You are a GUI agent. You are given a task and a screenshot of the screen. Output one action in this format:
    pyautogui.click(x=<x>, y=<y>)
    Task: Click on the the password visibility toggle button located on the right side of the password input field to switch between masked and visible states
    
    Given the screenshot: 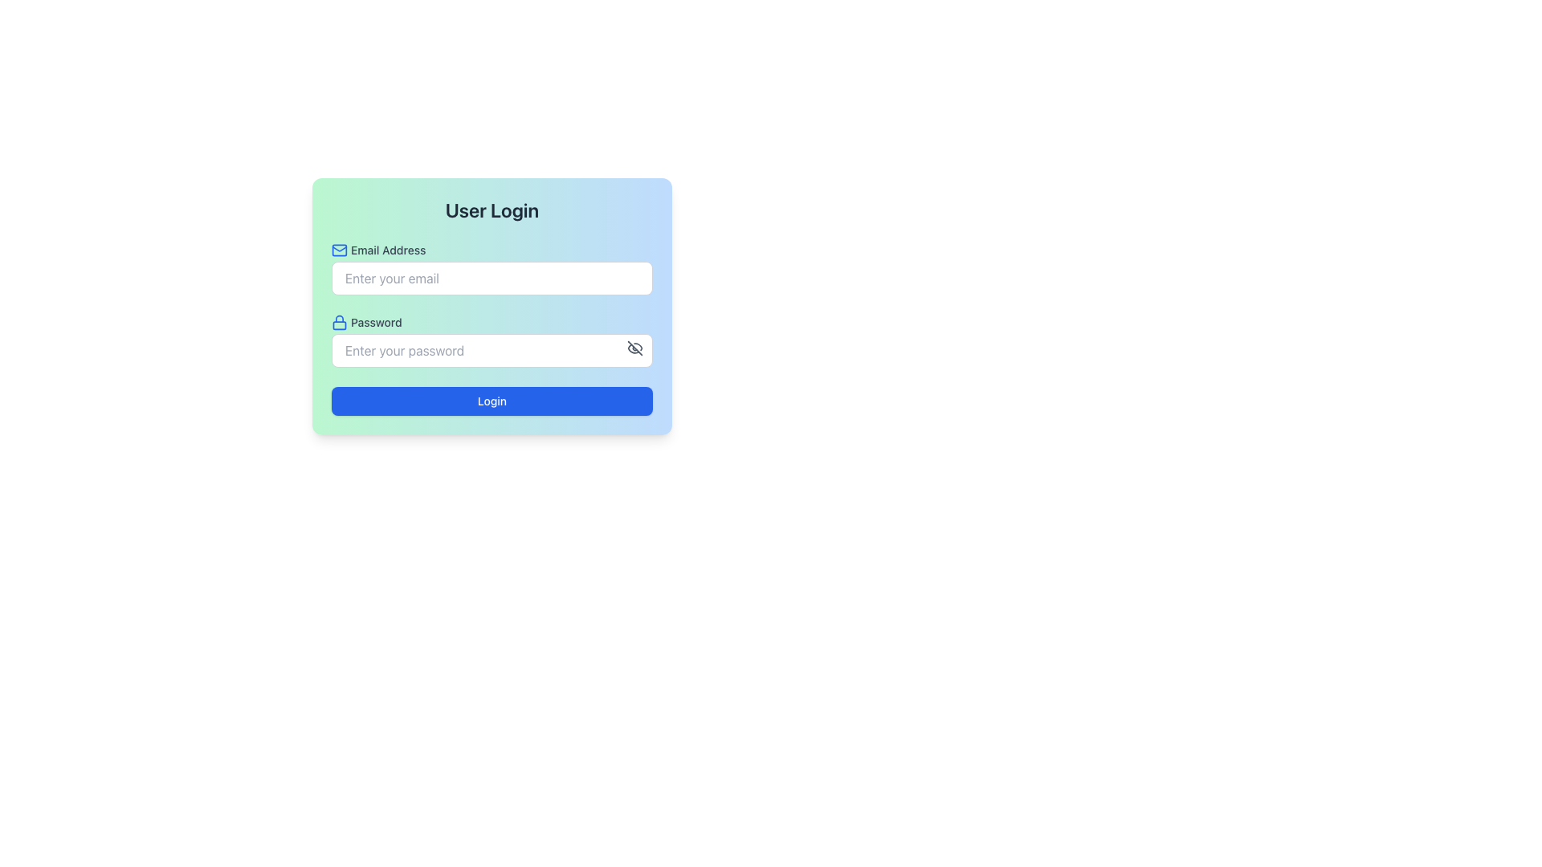 What is the action you would take?
    pyautogui.click(x=634, y=348)
    